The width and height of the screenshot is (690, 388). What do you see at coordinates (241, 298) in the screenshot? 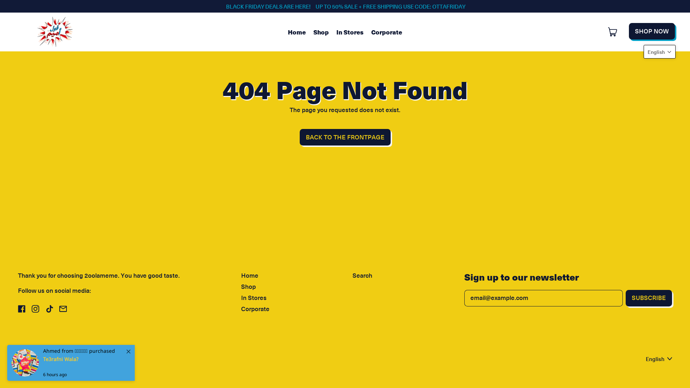
I see `'In Stores'` at bounding box center [241, 298].